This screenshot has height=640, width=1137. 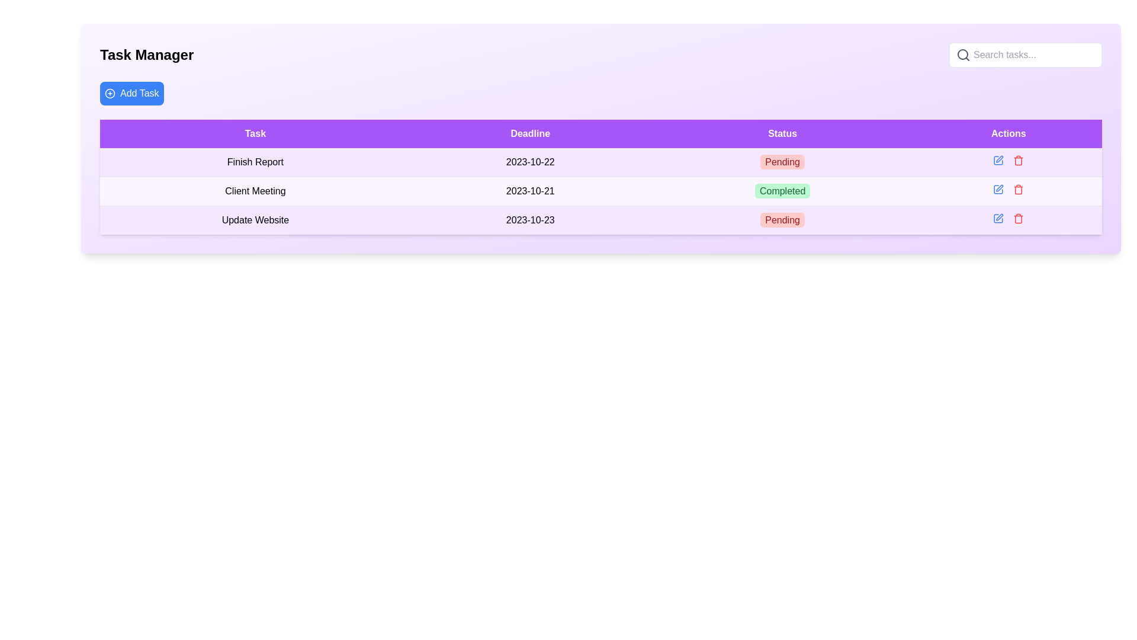 What do you see at coordinates (782, 162) in the screenshot?
I see `the Status label with the text 'Pending', which has a light red background and bold red font, located in the third column under the 'Status' header in the second row of the table` at bounding box center [782, 162].